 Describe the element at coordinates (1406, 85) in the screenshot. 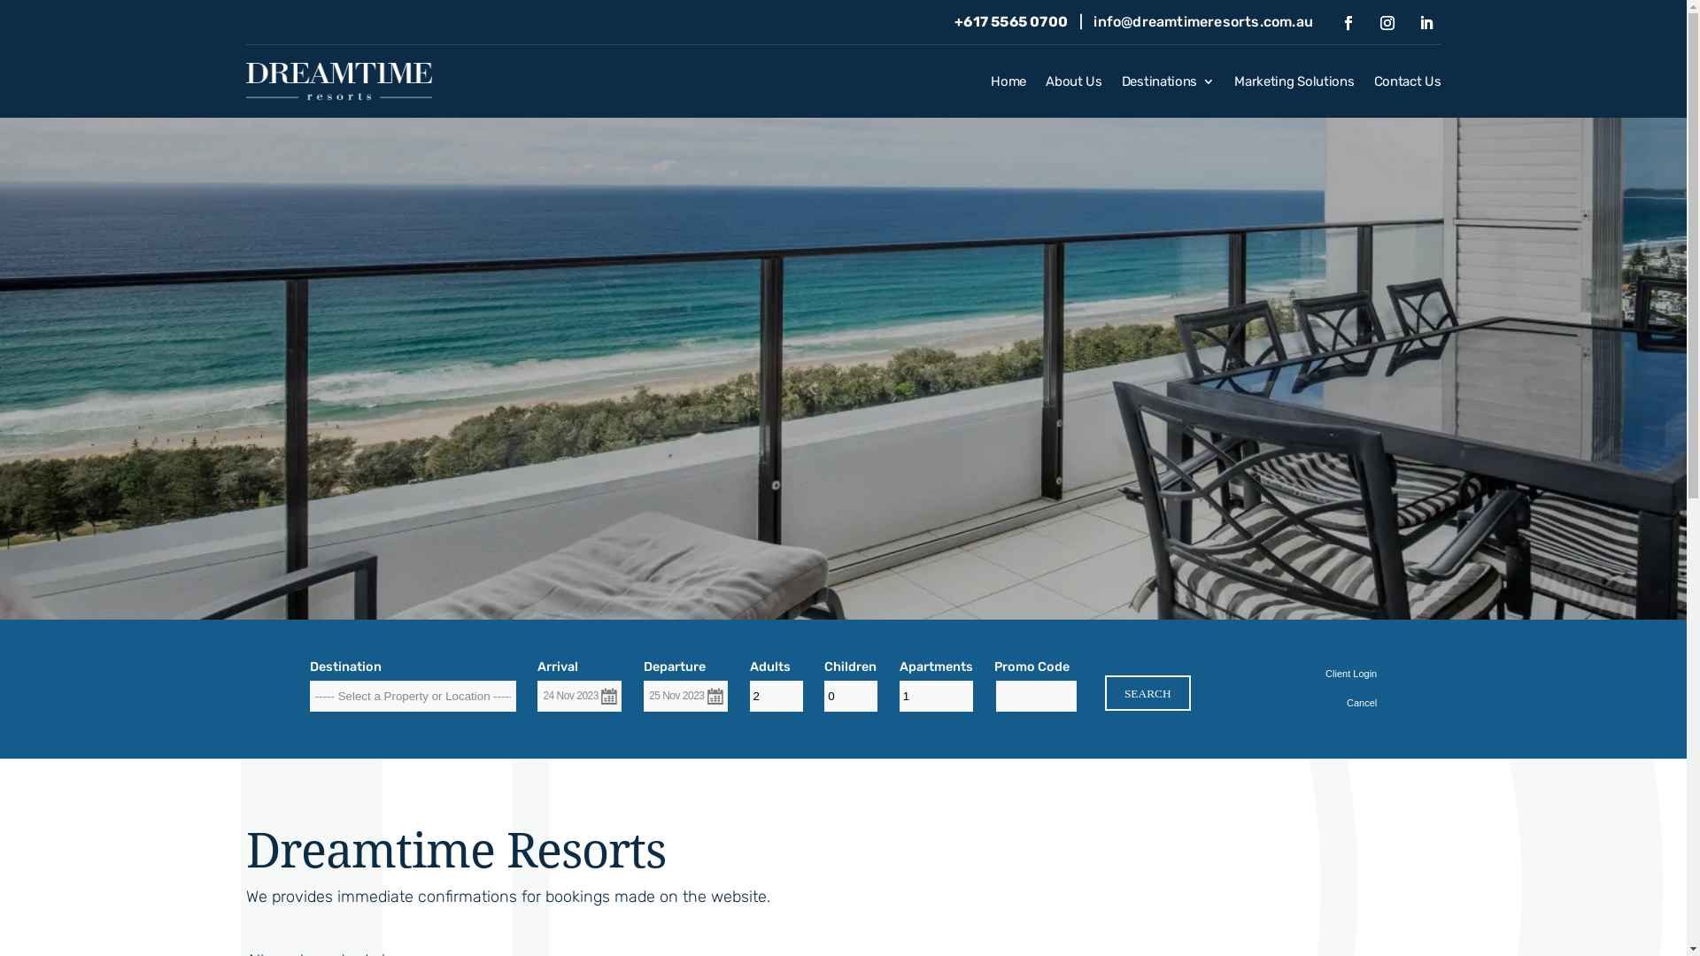

I see `'Contact Us'` at that location.